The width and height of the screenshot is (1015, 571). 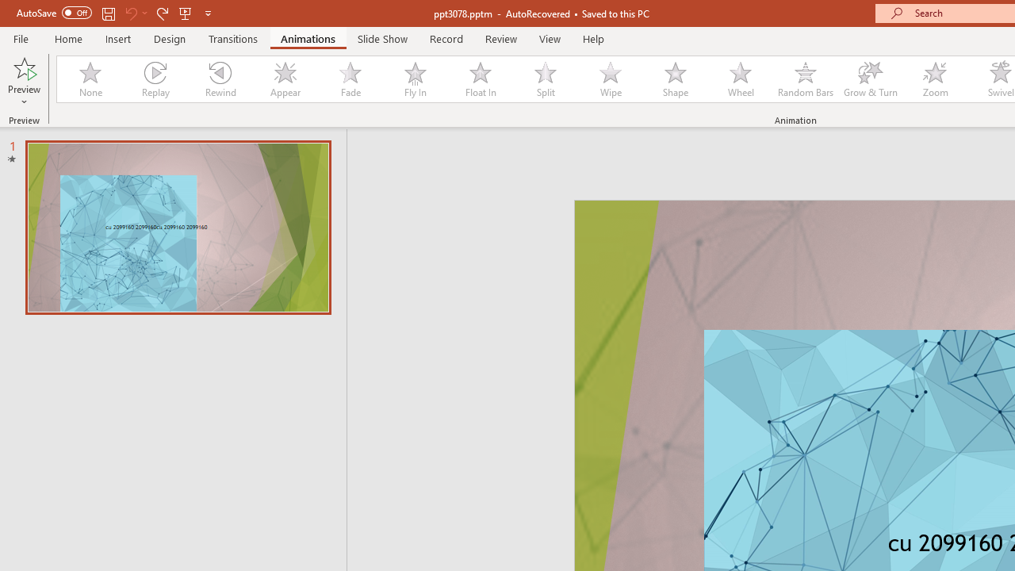 I want to click on 'Rewind', so click(x=219, y=79).